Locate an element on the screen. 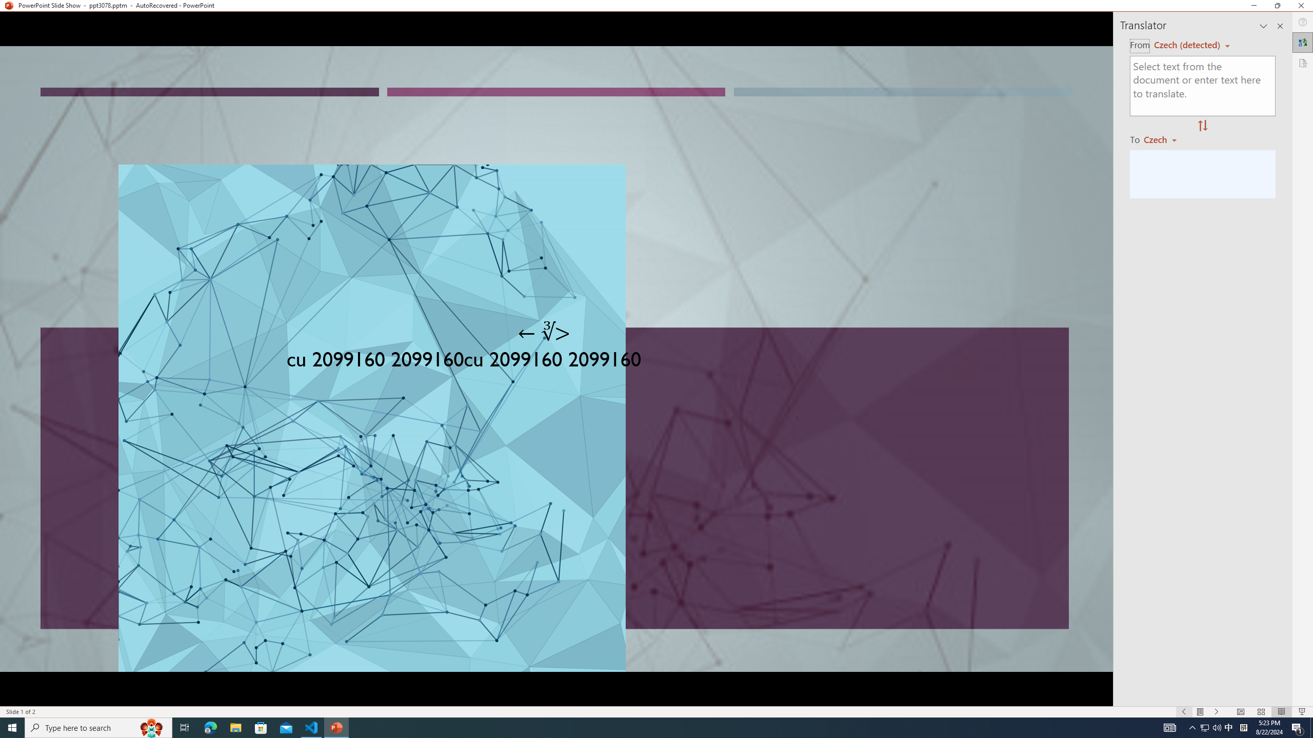  'Menu On' is located at coordinates (1200, 712).